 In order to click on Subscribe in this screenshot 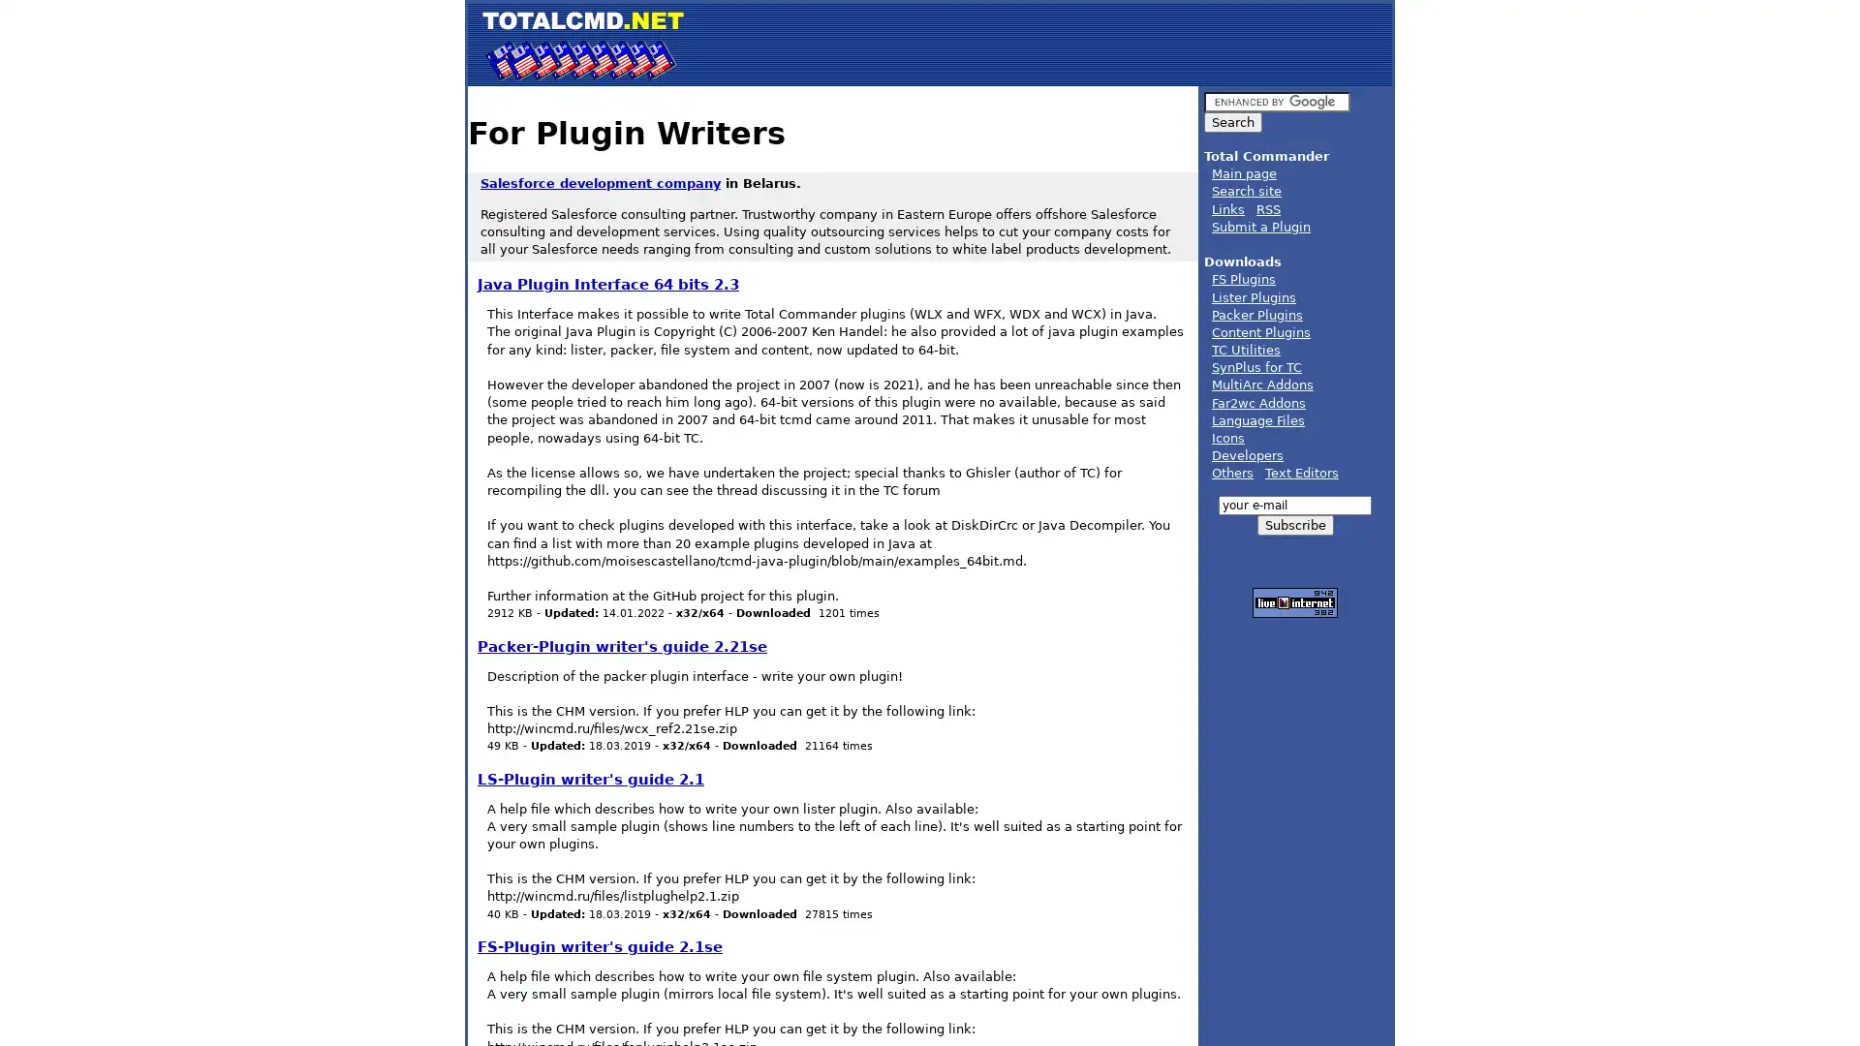, I will do `click(1294, 524)`.